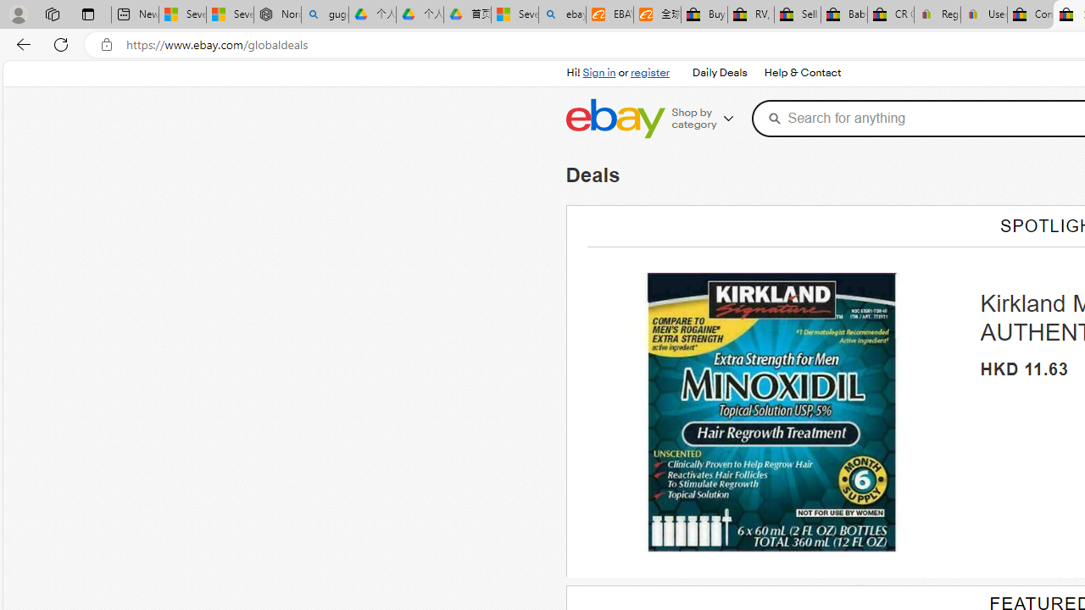 Image resolution: width=1085 pixels, height=610 pixels. Describe the element at coordinates (719, 72) in the screenshot. I see `'Daily Deals'` at that location.